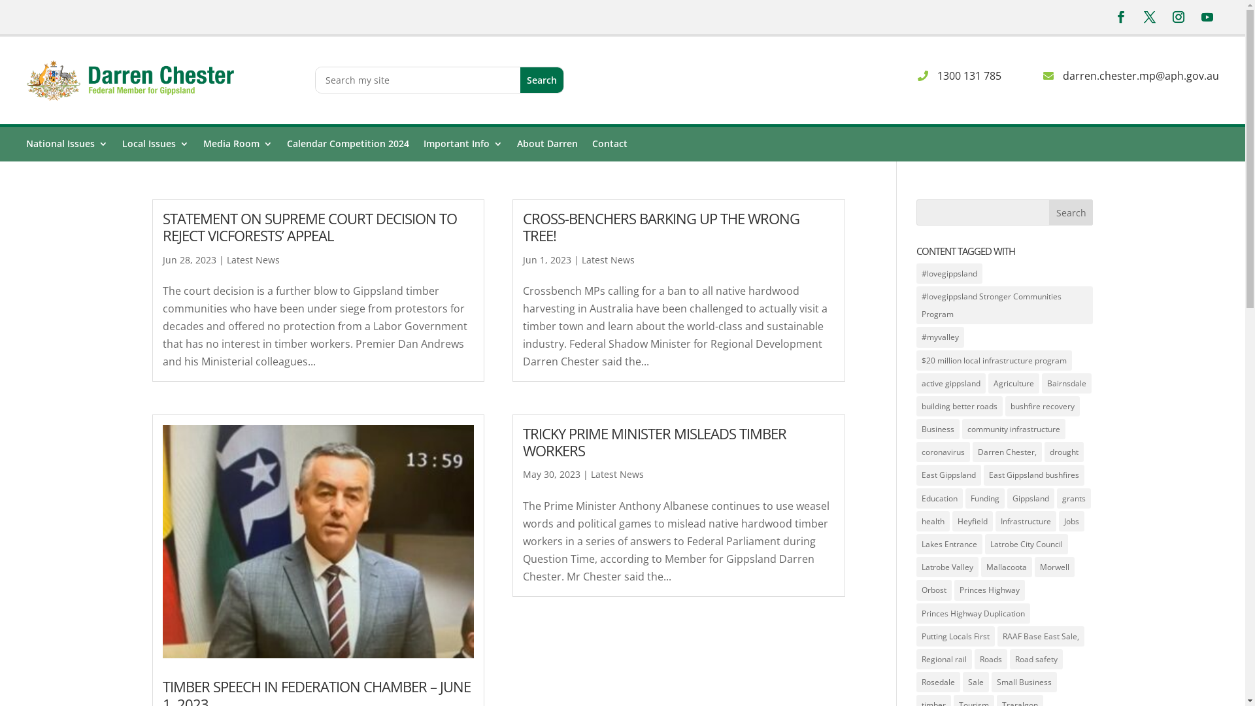 The width and height of the screenshot is (1255, 706). Describe the element at coordinates (1012, 429) in the screenshot. I see `'community infrastructure'` at that location.